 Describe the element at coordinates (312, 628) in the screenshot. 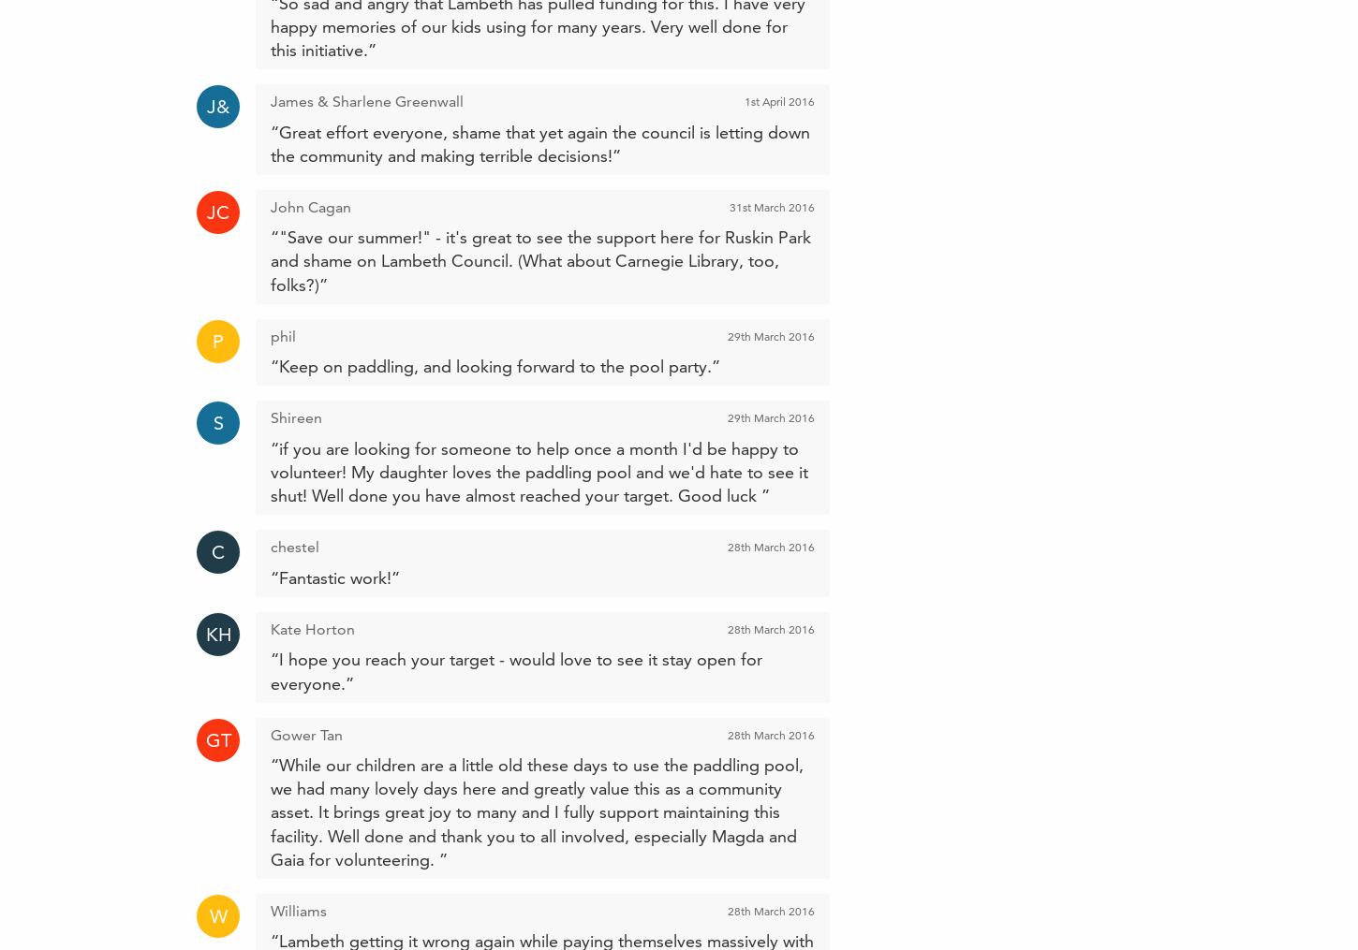

I see `'Kate Horton'` at that location.